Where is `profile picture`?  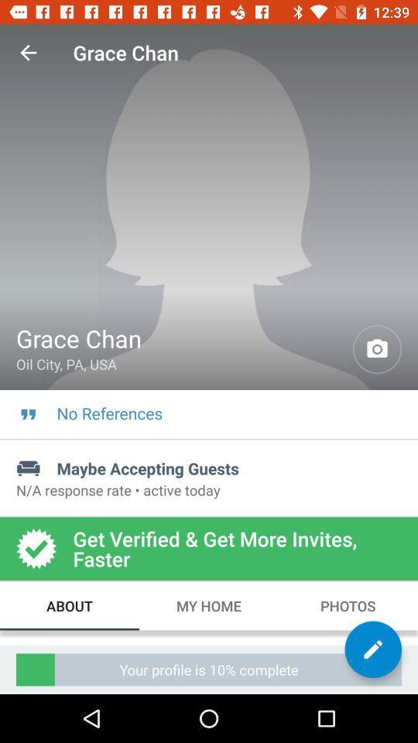 profile picture is located at coordinates (376, 349).